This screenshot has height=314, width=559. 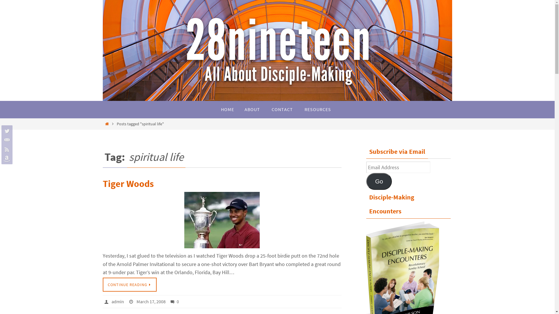 I want to click on 'March 17, 2008', so click(x=151, y=301).